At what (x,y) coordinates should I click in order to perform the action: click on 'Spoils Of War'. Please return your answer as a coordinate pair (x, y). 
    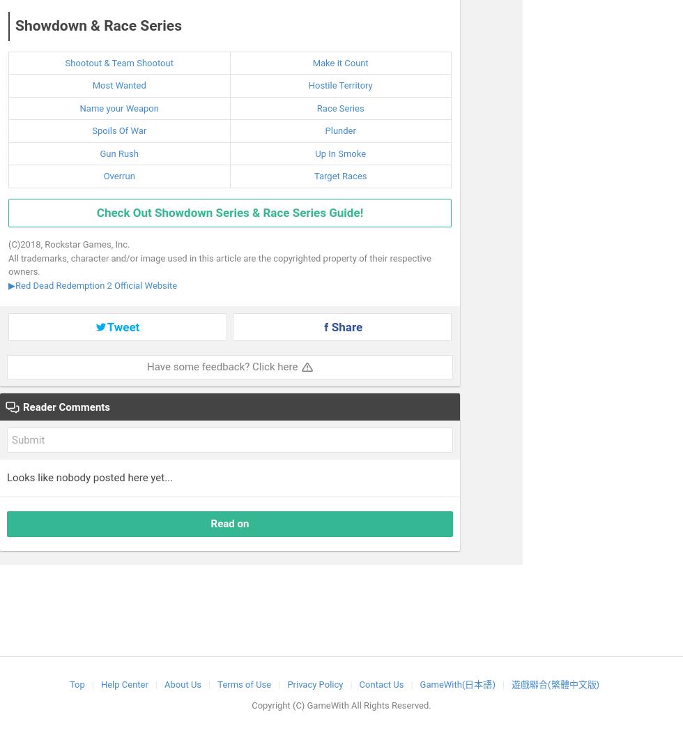
    Looking at the image, I should click on (119, 130).